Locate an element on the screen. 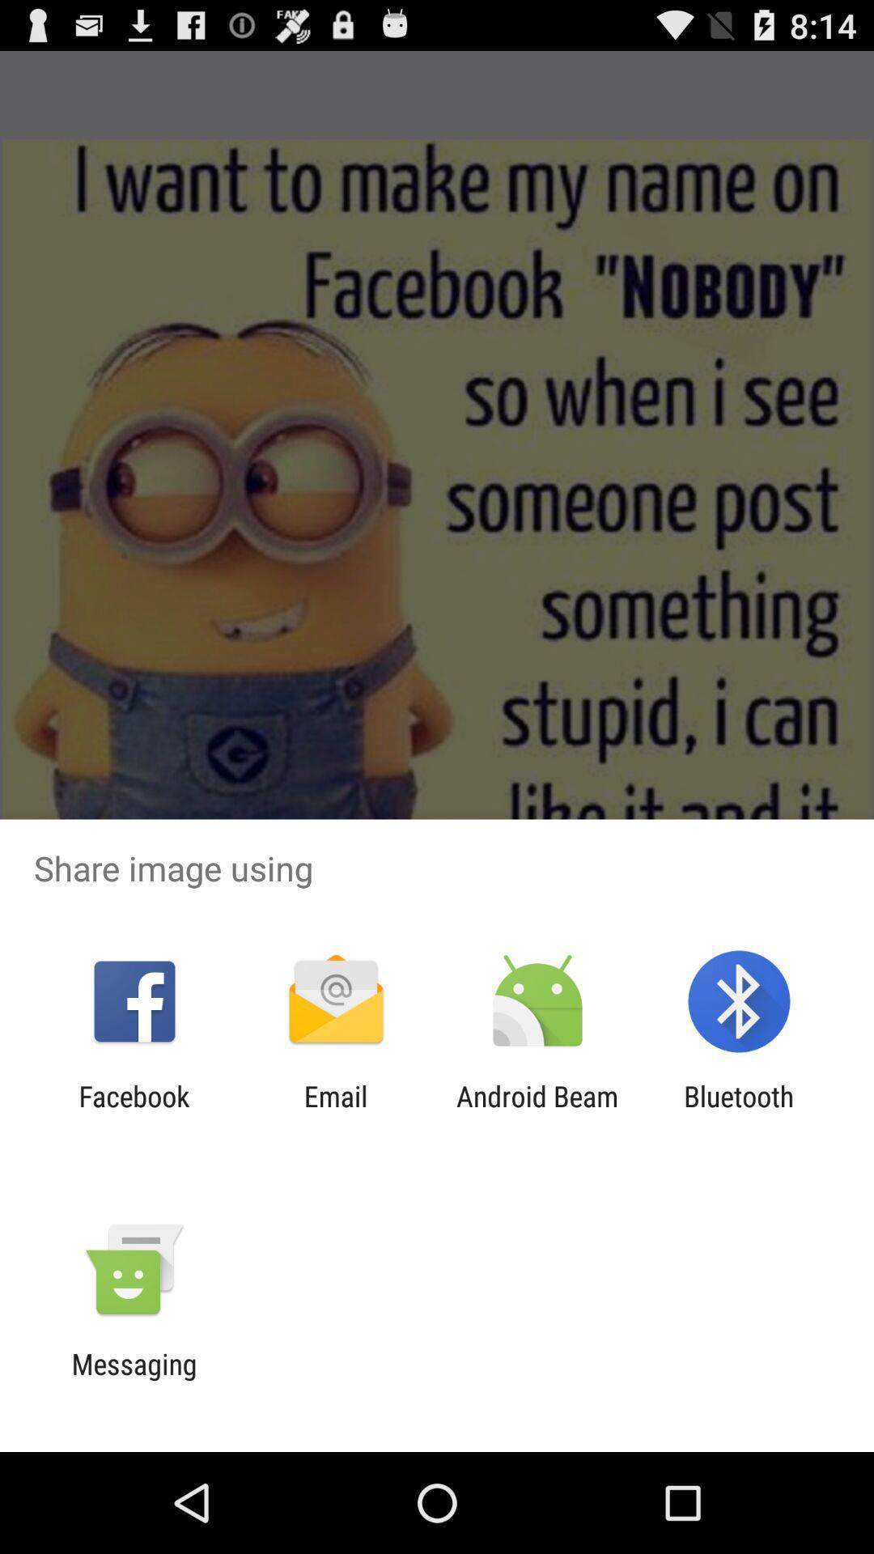 This screenshot has width=874, height=1554. icon to the left of email icon is located at coordinates (134, 1112).